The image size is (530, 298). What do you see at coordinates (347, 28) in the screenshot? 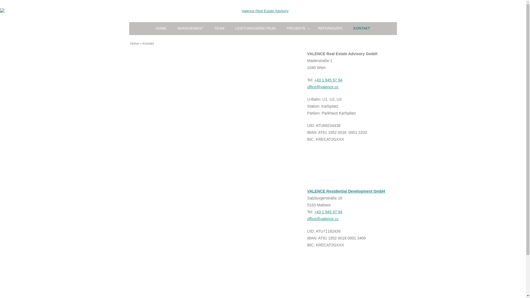
I see `'KONTAKT'` at bounding box center [347, 28].